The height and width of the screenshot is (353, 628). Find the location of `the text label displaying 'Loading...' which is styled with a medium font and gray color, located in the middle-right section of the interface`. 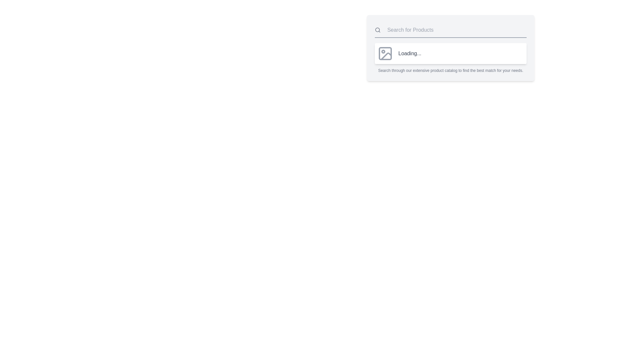

the text label displaying 'Loading...' which is styled with a medium font and gray color, located in the middle-right section of the interface is located at coordinates (410, 53).